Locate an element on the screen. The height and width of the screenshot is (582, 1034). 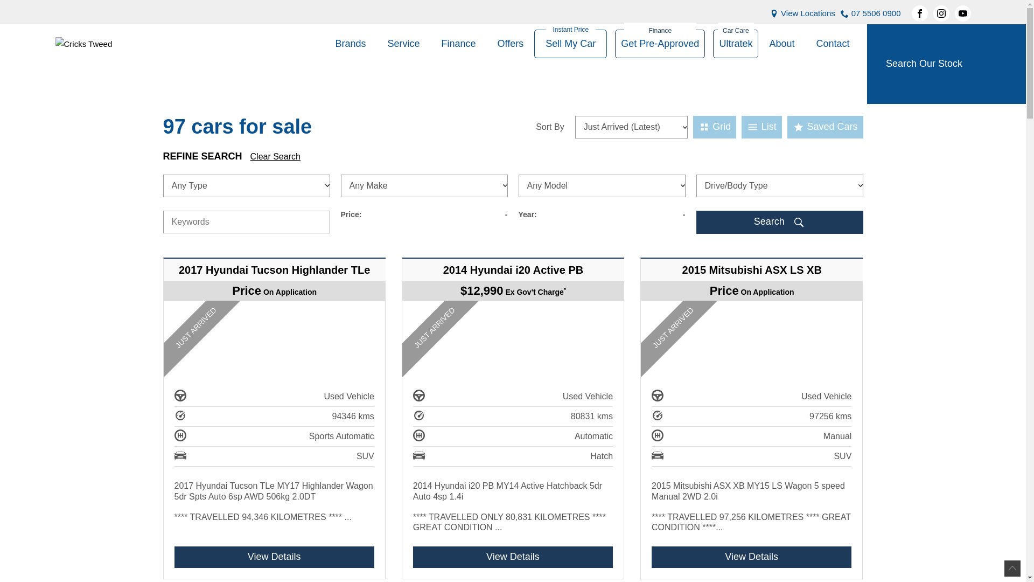
'Offers' is located at coordinates (510, 43).